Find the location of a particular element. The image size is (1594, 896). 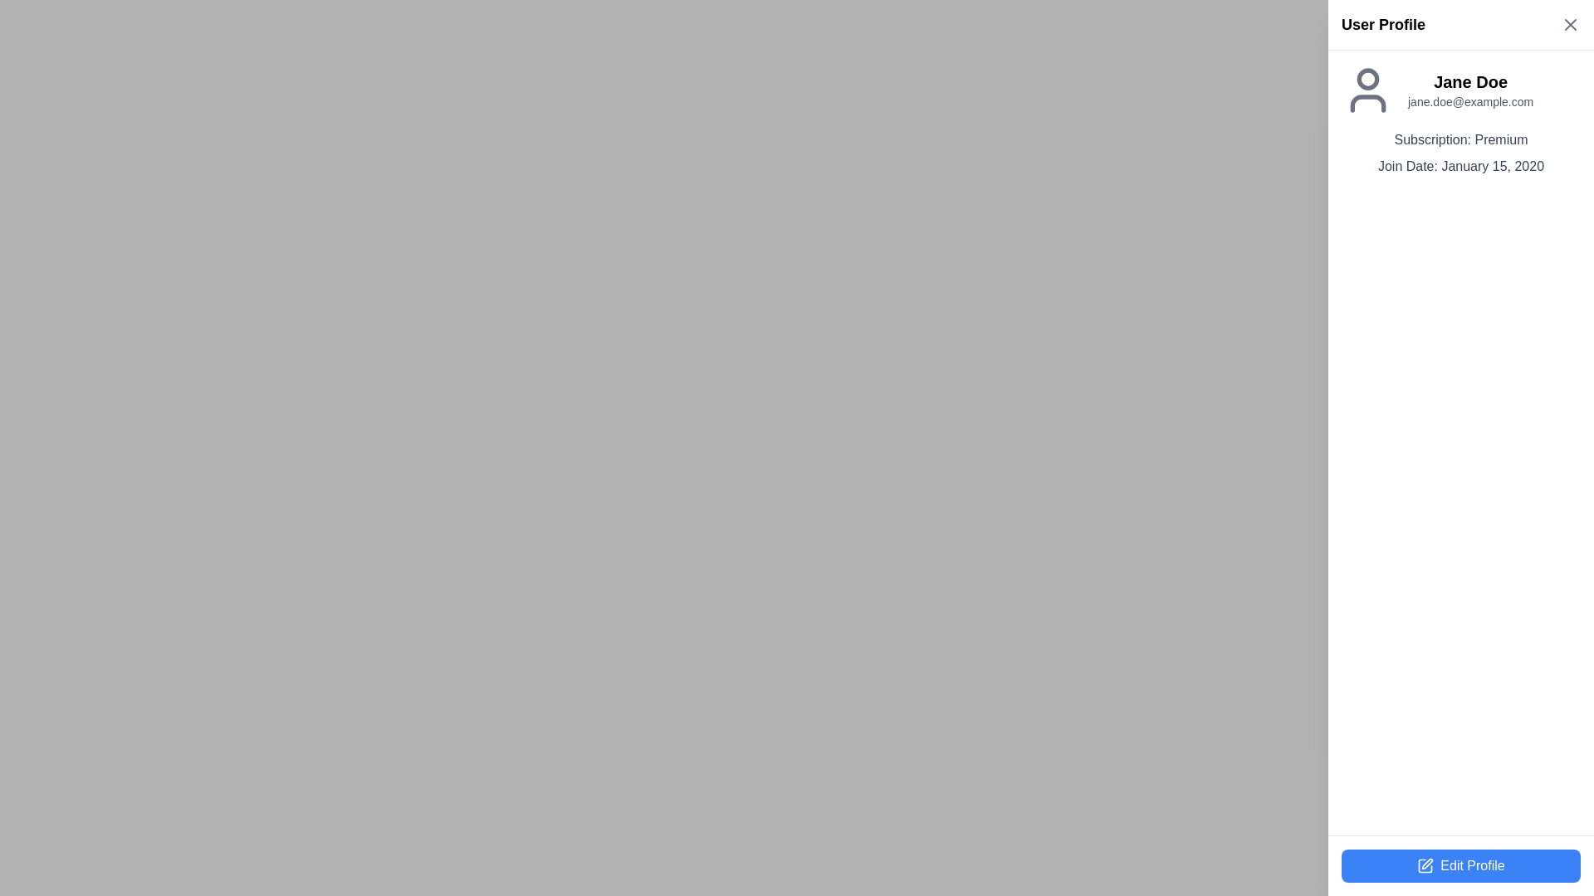

the static text label that provides the account's join date information, located beneath the 'Subscription: Premium' label in the user profile section is located at coordinates (1461, 166).